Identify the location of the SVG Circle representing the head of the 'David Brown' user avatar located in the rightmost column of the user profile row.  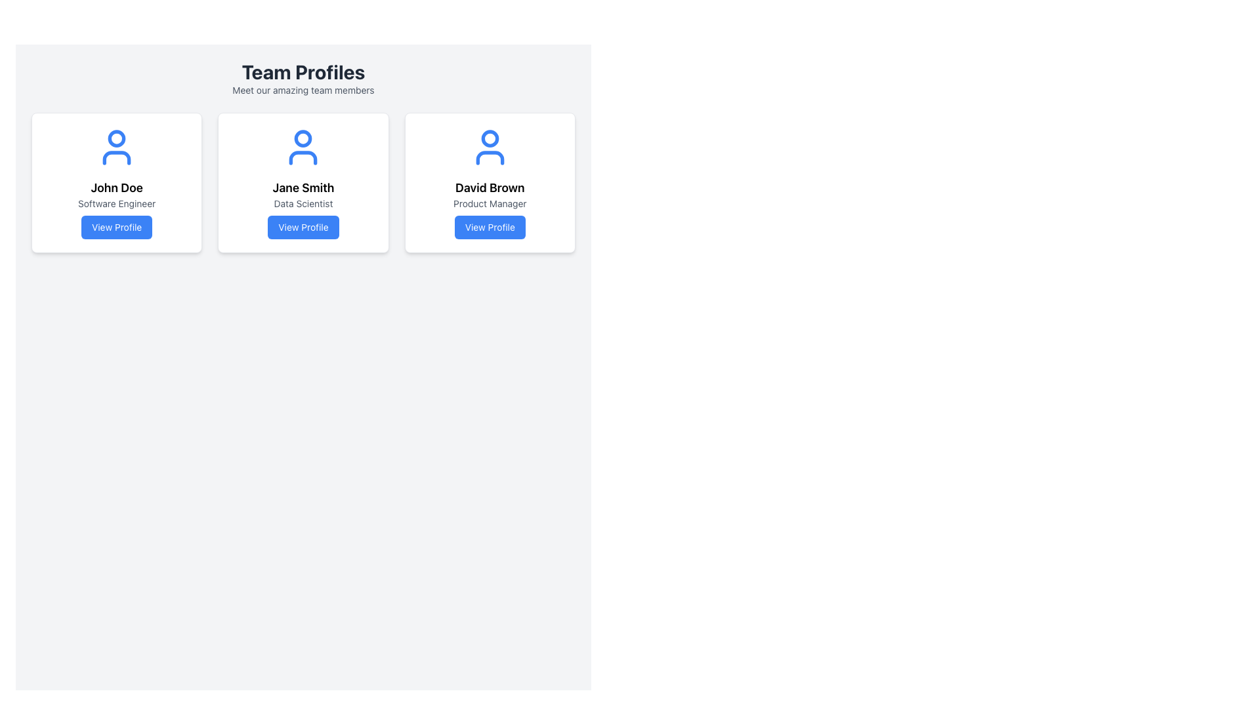
(489, 138).